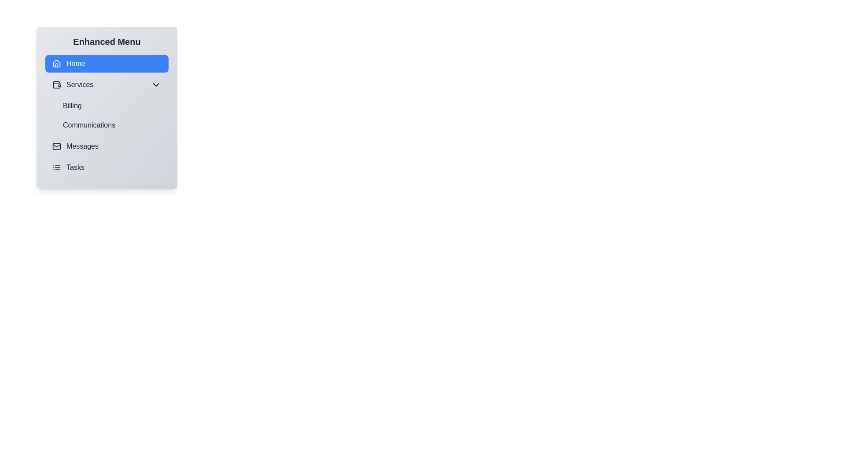 The height and width of the screenshot is (475, 845). Describe the element at coordinates (56, 84) in the screenshot. I see `the wallet icon, which is a minimalistic SVG graphic located next to the text 'Services' in the menu` at that location.